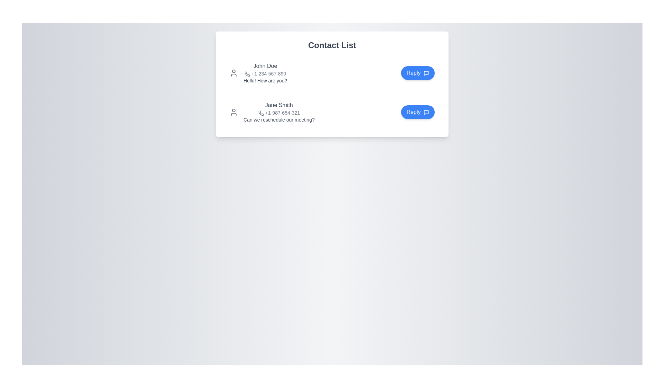 The height and width of the screenshot is (374, 665). Describe the element at coordinates (272, 112) in the screenshot. I see `name and message of the second contact entry in the vertical list of contacts, which displays the contact's name, phone number, and a related message` at that location.